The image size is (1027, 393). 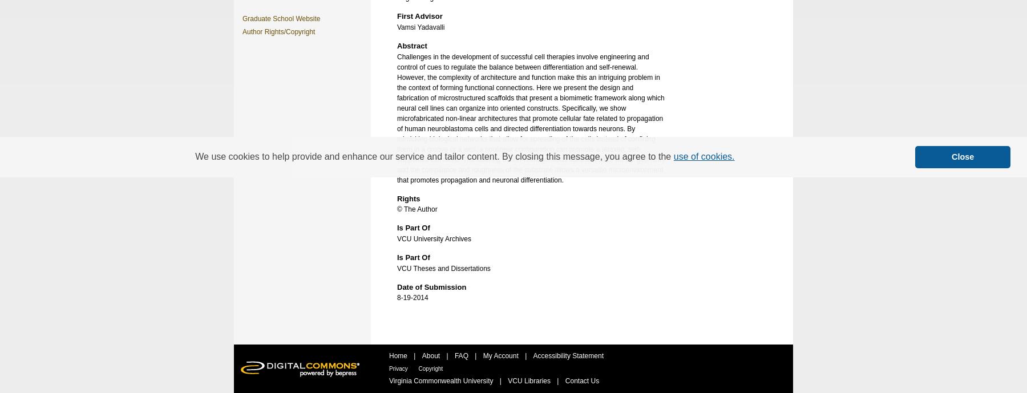 What do you see at coordinates (443, 268) in the screenshot?
I see `'VCU Theses and Dissertations'` at bounding box center [443, 268].